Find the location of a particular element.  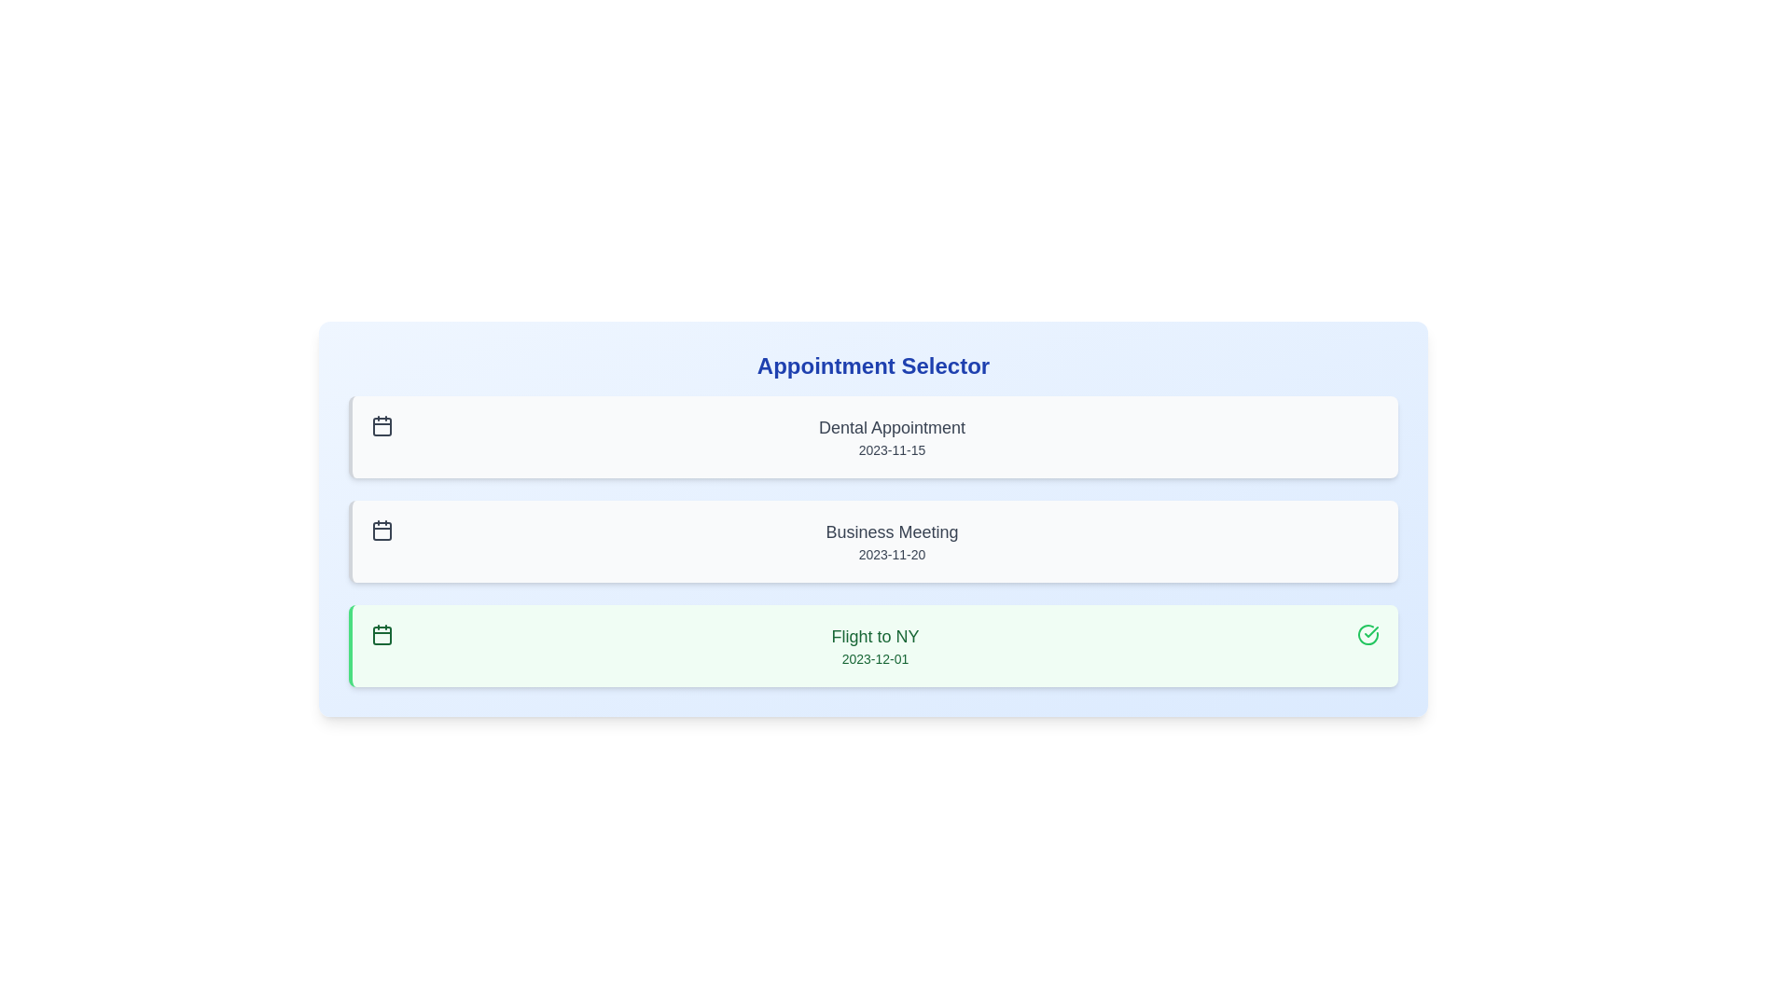

the appointment labeled 'Flight to NY' to observe its hover effect is located at coordinates (872, 645).